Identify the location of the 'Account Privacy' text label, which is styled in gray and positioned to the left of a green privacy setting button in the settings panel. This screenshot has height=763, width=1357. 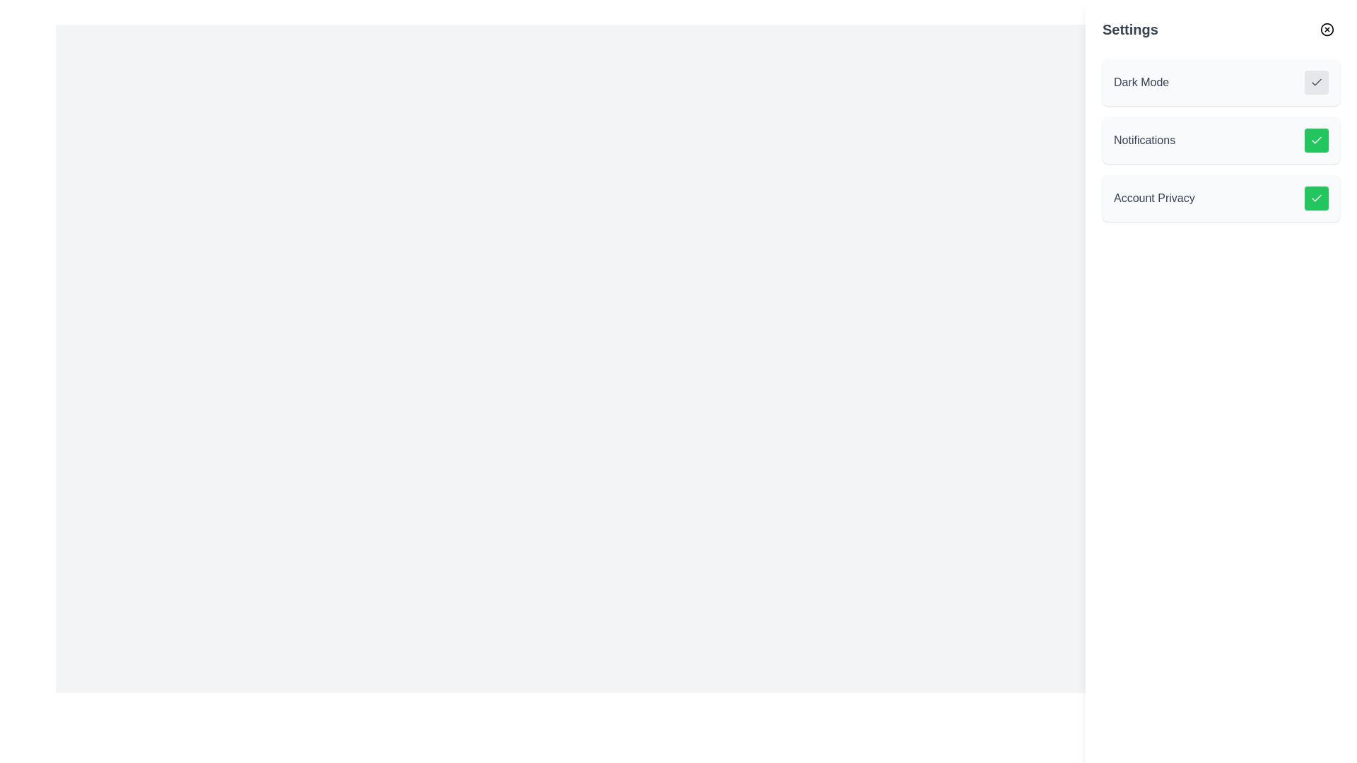
(1154, 199).